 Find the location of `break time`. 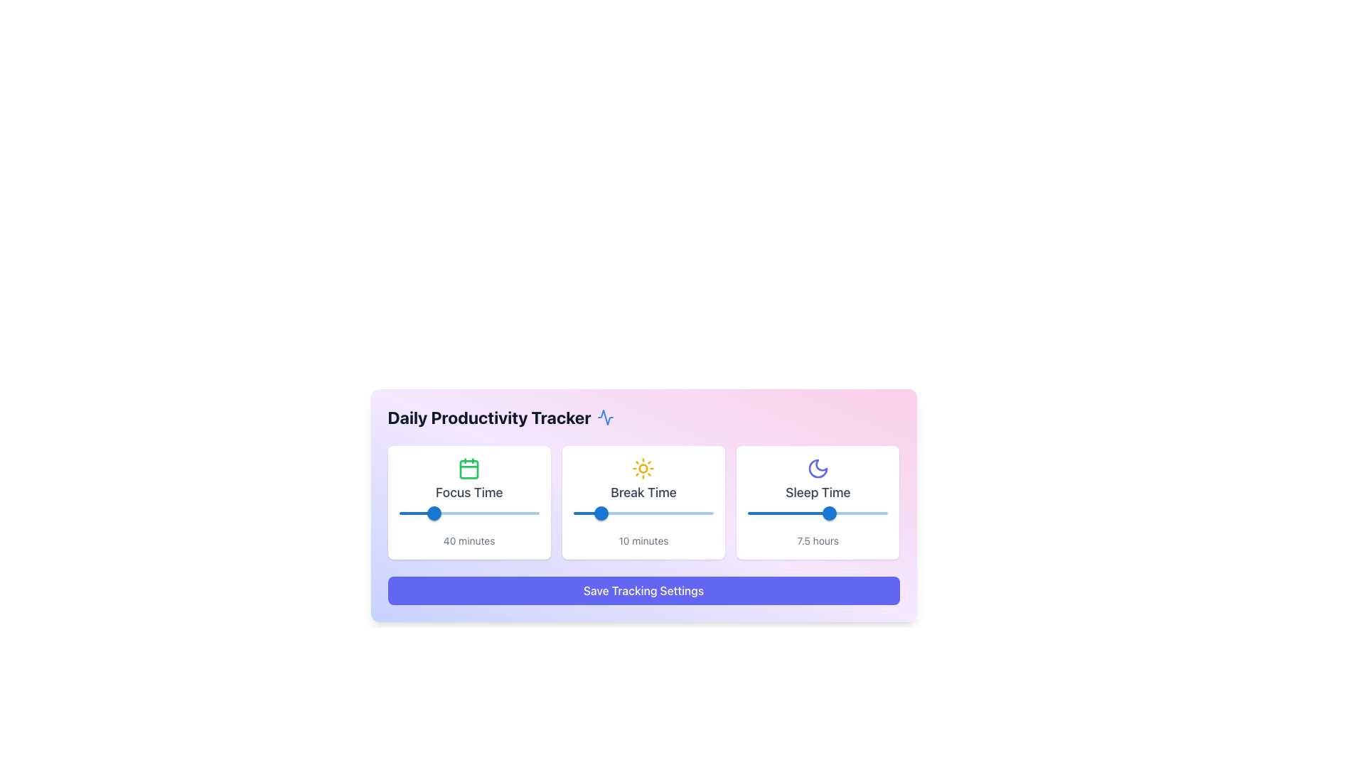

break time is located at coordinates (578, 513).